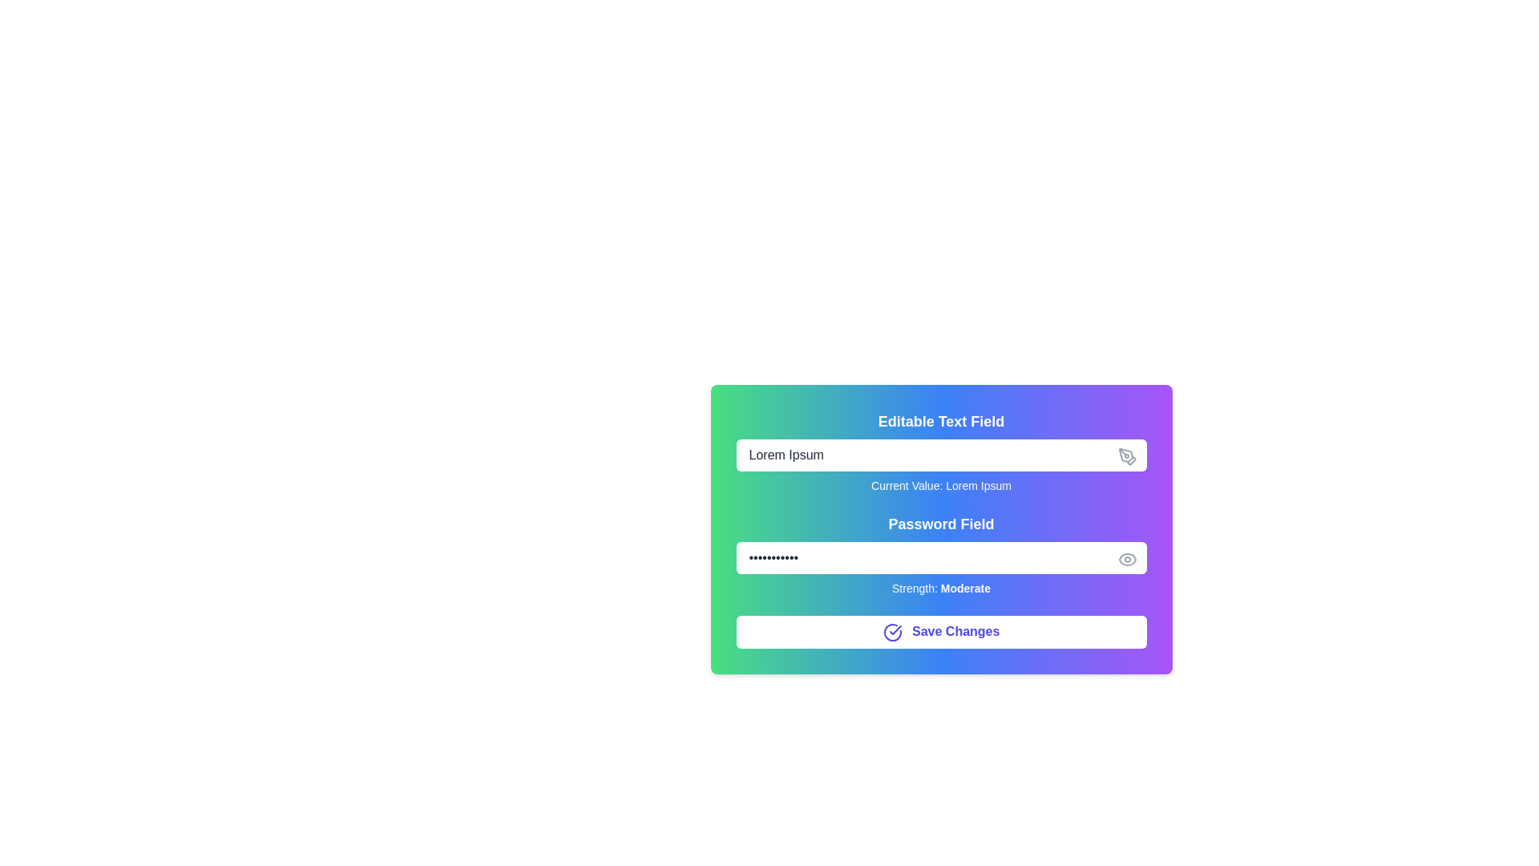  What do you see at coordinates (891, 631) in the screenshot?
I see `the small circular icon with a blue outline and a checkmark inside it, which is located to the left of the 'Save Changes' button` at bounding box center [891, 631].